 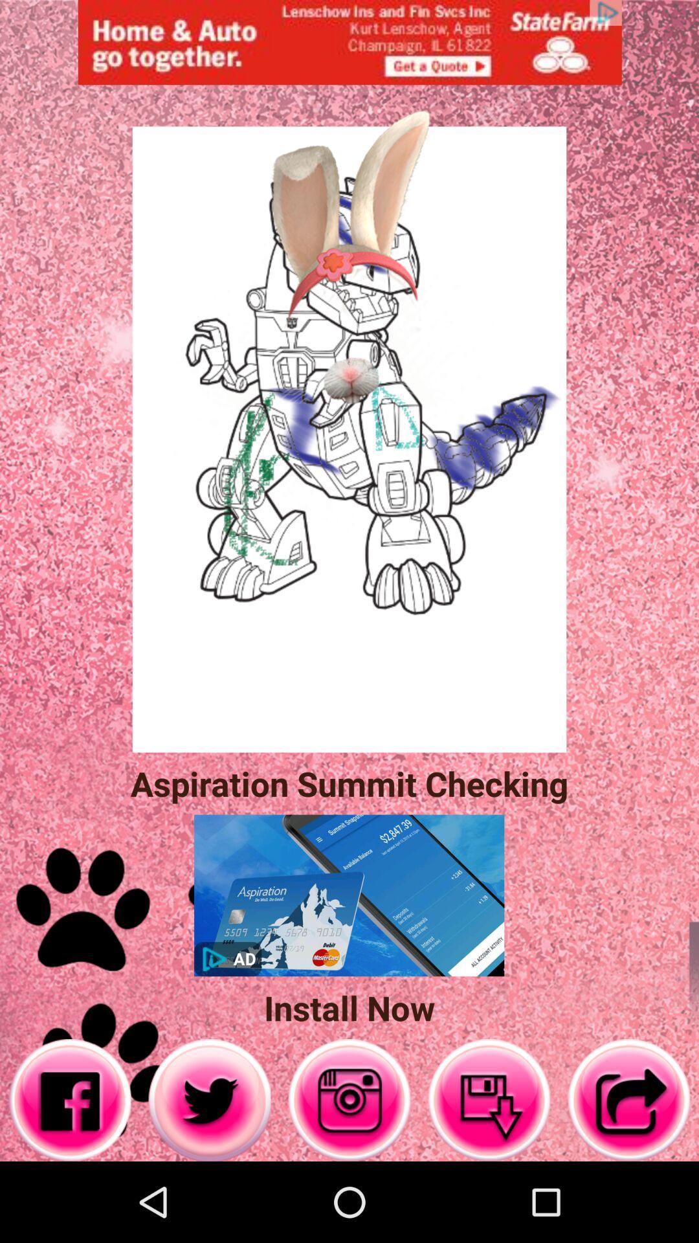 What do you see at coordinates (209, 1099) in the screenshot?
I see `twiter button` at bounding box center [209, 1099].